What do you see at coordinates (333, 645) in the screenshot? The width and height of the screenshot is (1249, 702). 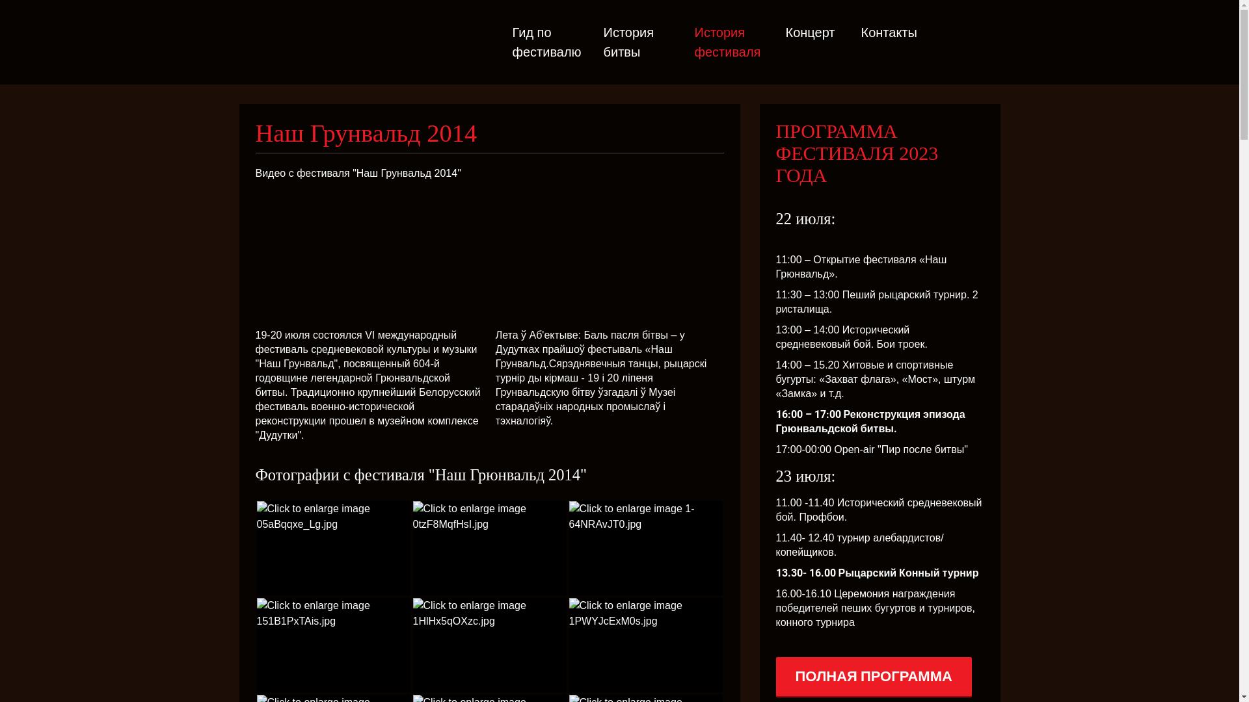 I see `'Click to enlarge image 151B1PxTAis.jpg'` at bounding box center [333, 645].